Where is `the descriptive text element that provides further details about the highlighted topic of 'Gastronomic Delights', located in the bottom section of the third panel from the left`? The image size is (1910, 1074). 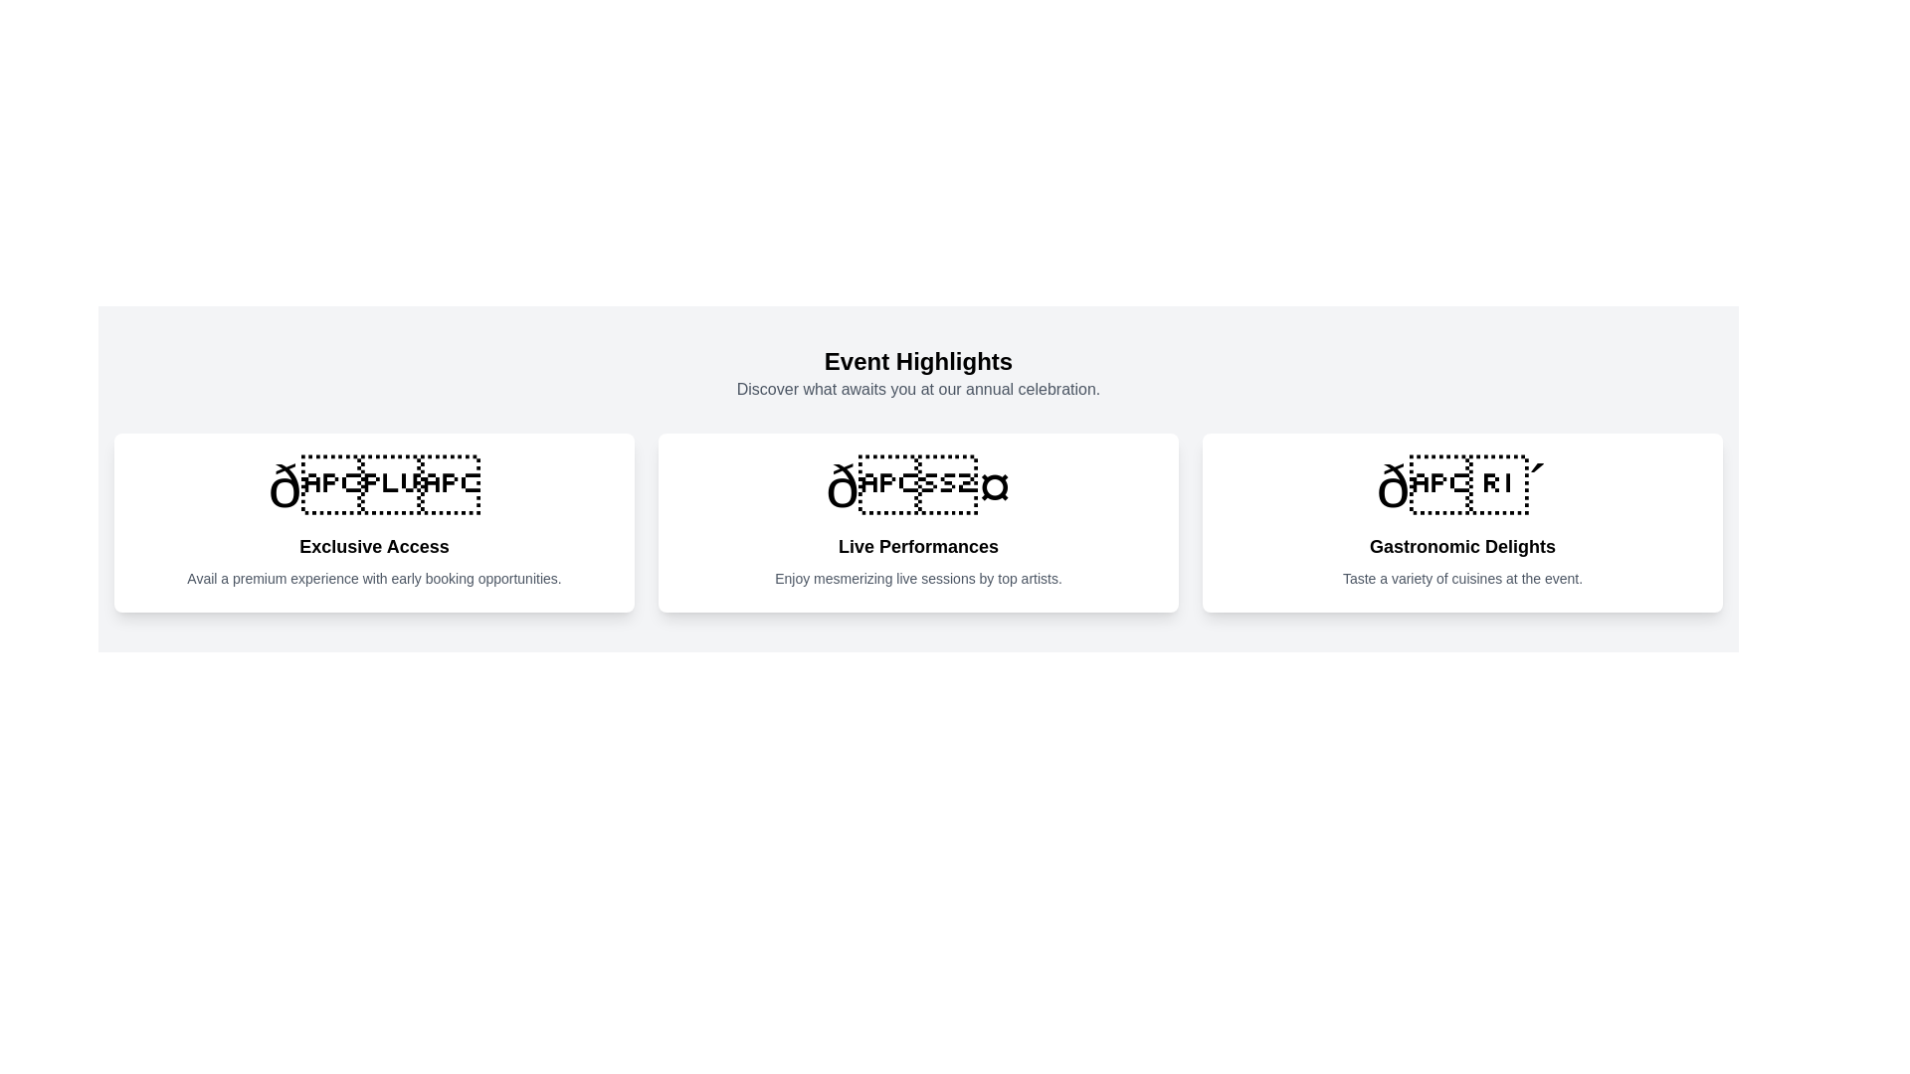
the descriptive text element that provides further details about the highlighted topic of 'Gastronomic Delights', located in the bottom section of the third panel from the left is located at coordinates (1462, 579).